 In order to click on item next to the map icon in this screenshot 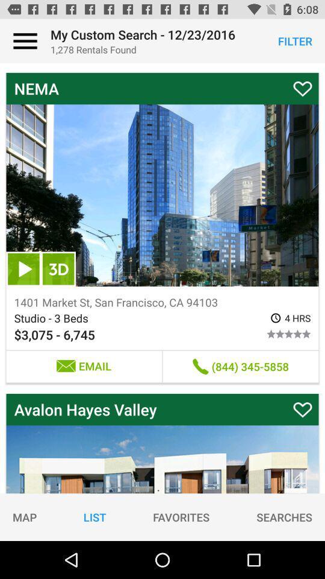, I will do `click(94, 516)`.